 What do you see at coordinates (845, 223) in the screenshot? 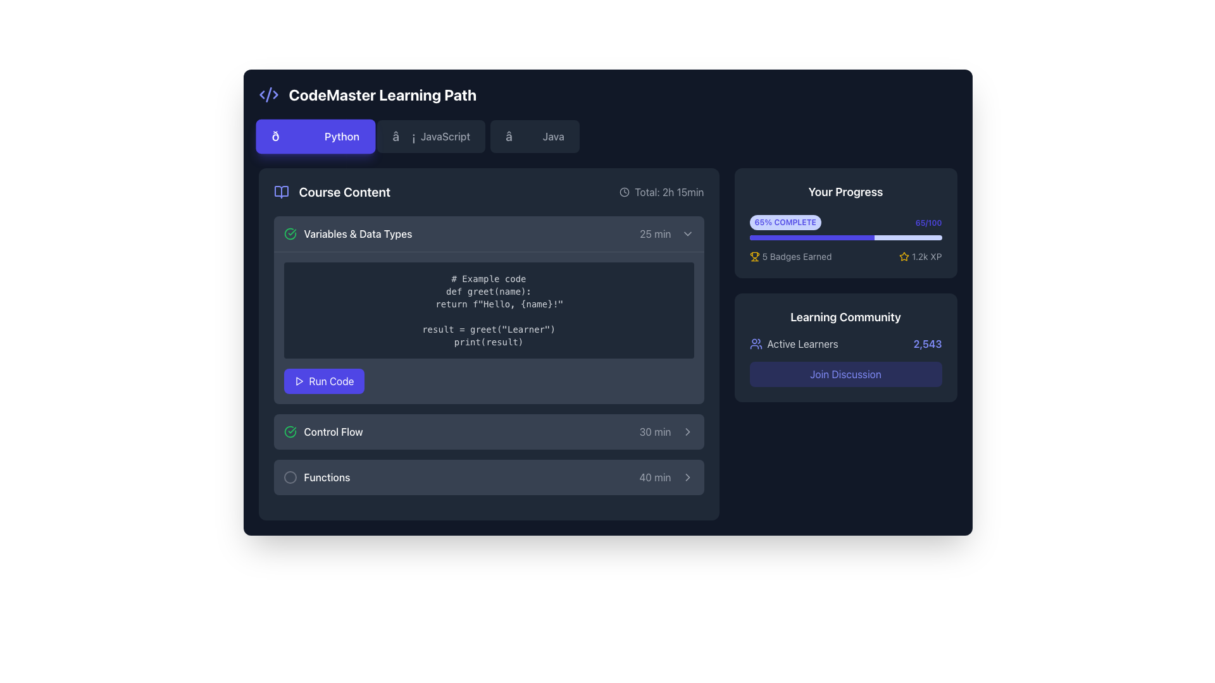
I see `information displayed in the Progress tracker located in the upper-right region of the interface, above the 'Learning Community' section` at bounding box center [845, 223].